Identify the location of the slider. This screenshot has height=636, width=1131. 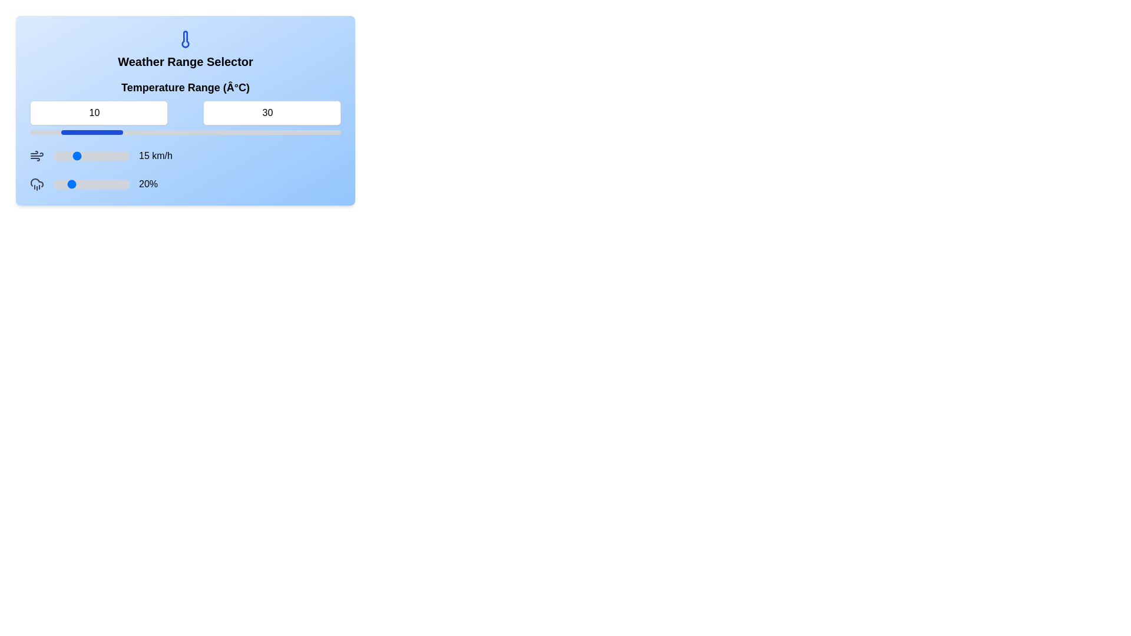
(59, 184).